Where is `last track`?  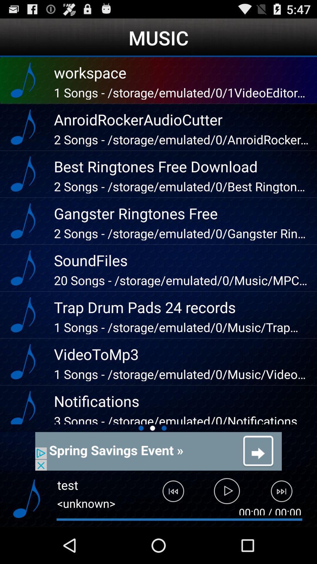
last track is located at coordinates (169, 493).